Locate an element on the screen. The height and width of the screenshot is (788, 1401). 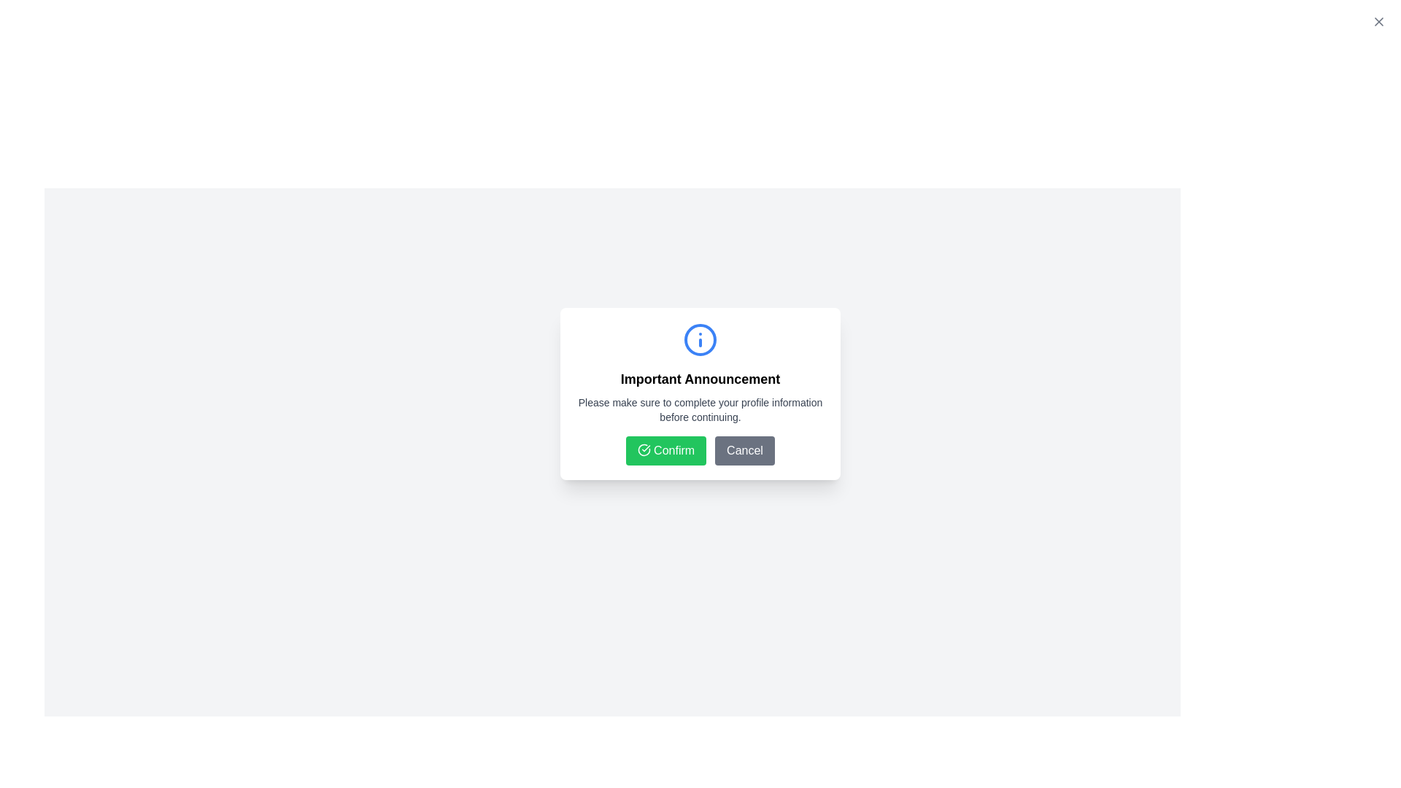
the text label that serves as a heading for the modal dialog box, positioned below the blue circular 'info' icon and above the descriptive text and action buttons is located at coordinates (700, 379).